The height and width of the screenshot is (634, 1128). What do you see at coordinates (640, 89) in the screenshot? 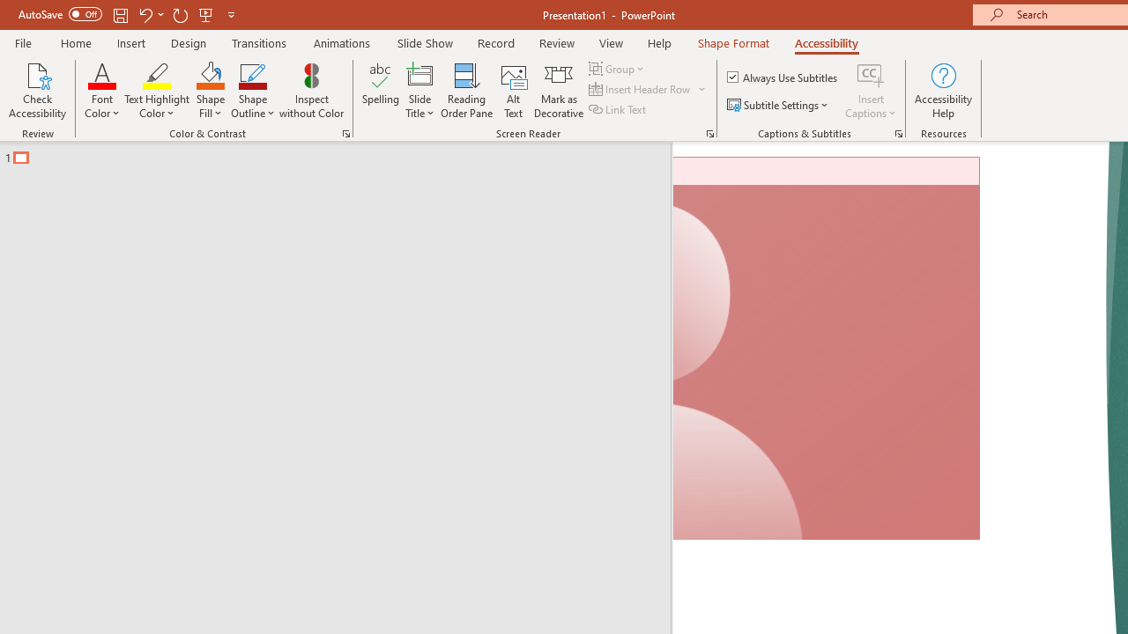
I see `'Insert Header Row'` at bounding box center [640, 89].